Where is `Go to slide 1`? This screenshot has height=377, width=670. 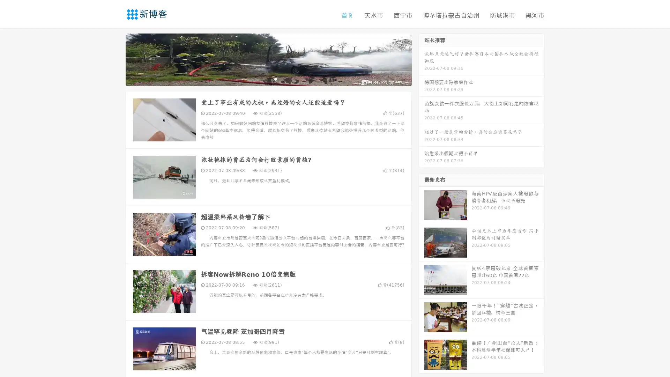
Go to slide 1 is located at coordinates (261, 79).